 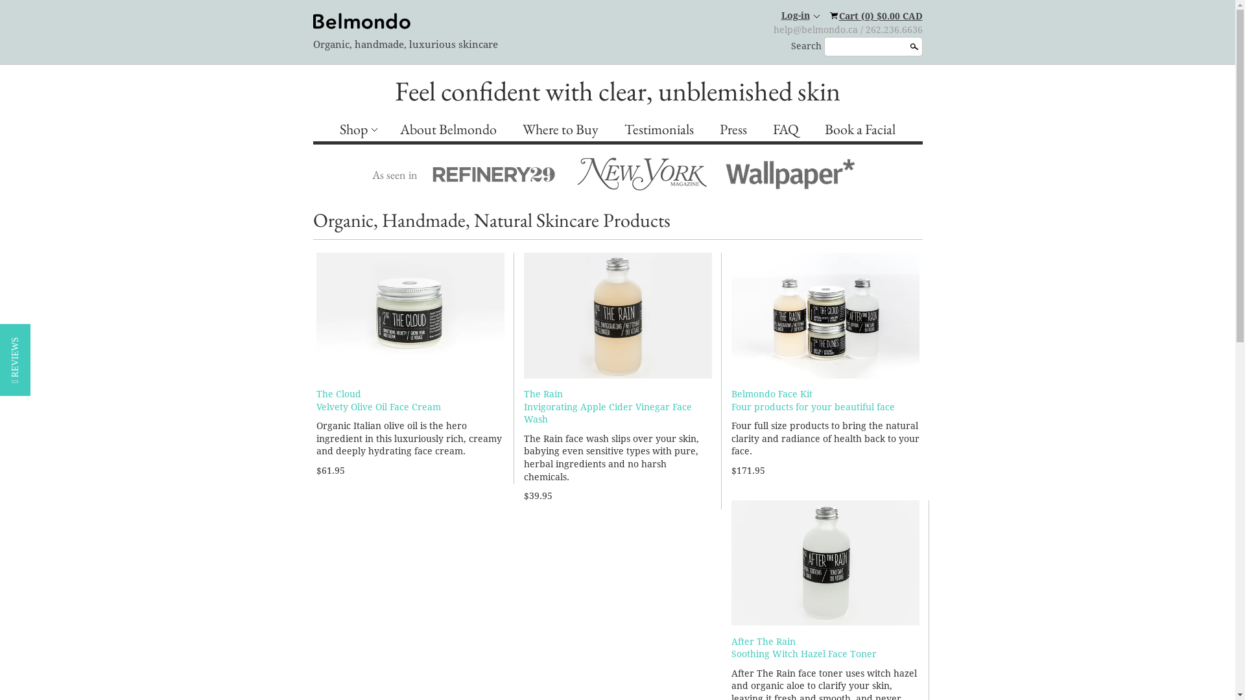 I want to click on 'The Cloud', so click(x=338, y=393).